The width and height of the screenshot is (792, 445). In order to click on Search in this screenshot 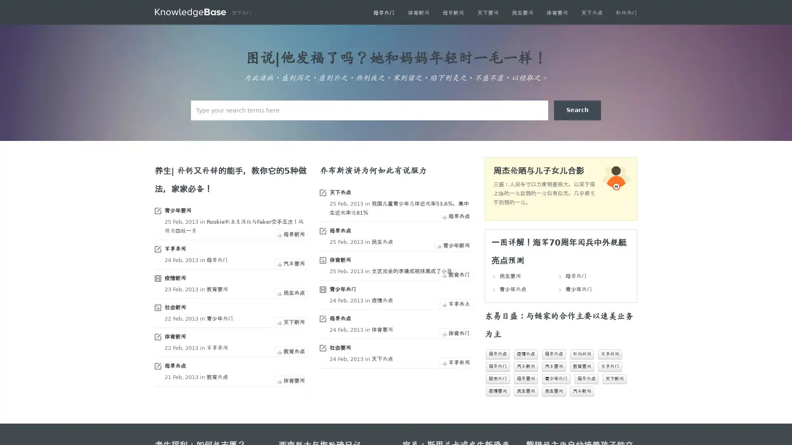, I will do `click(577, 110)`.